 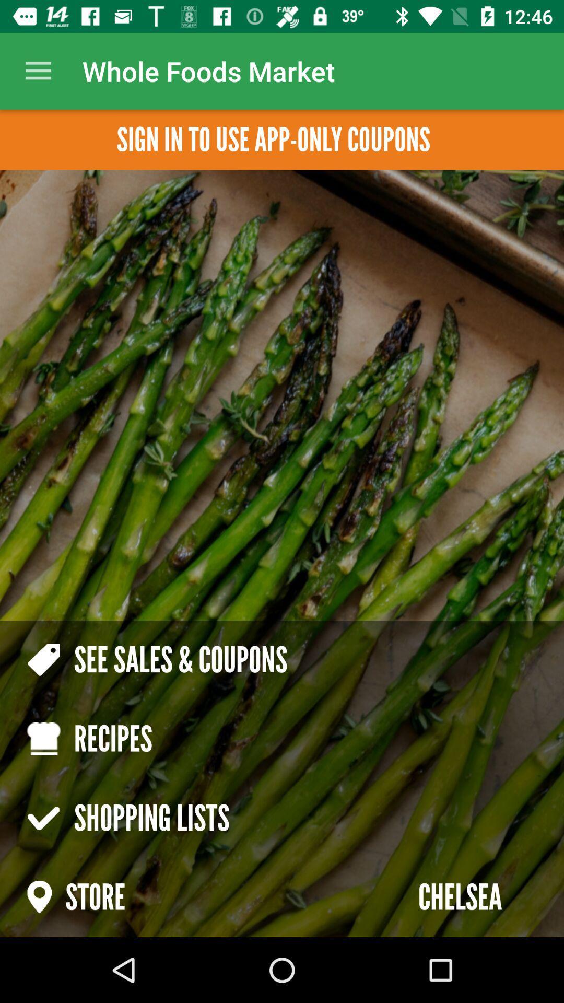 I want to click on the icon at the top left corner, so click(x=38, y=71).